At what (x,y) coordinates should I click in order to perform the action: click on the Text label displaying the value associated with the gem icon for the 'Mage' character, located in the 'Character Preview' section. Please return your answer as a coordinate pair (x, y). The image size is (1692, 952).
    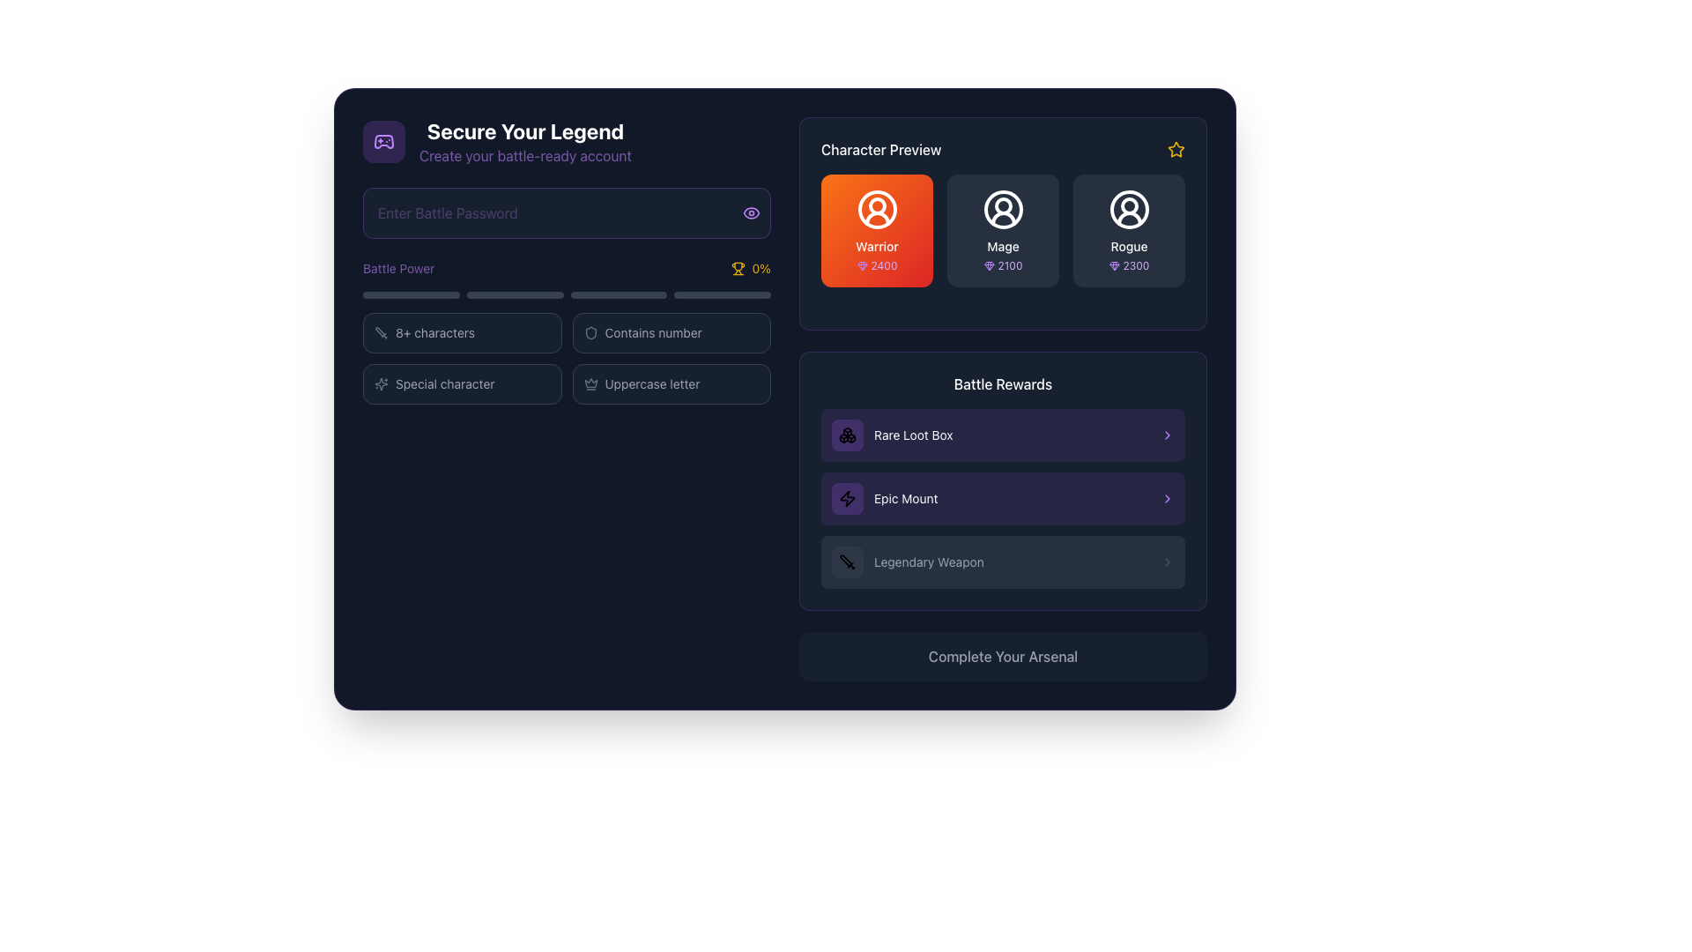
    Looking at the image, I should click on (1010, 265).